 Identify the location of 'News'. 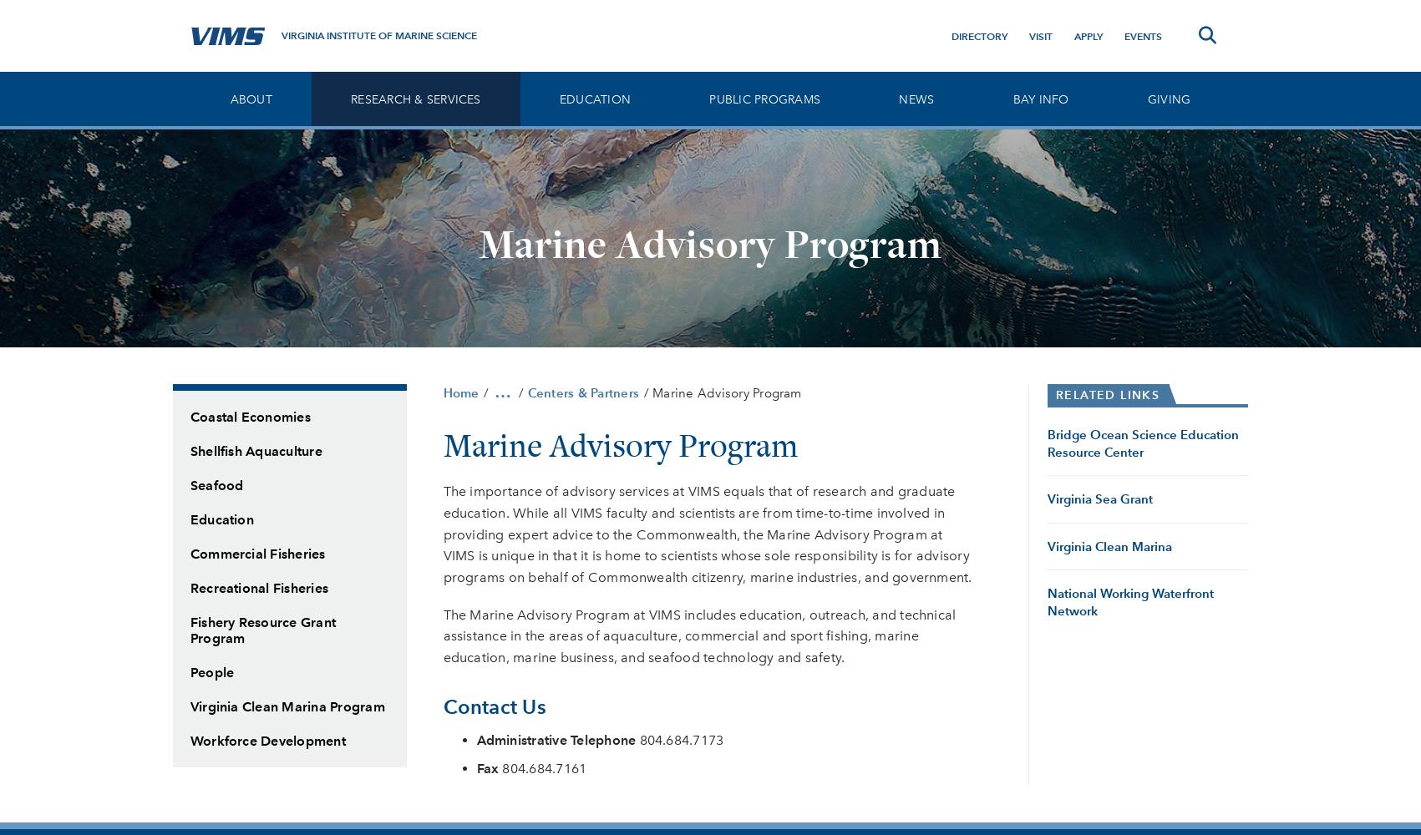
(915, 99).